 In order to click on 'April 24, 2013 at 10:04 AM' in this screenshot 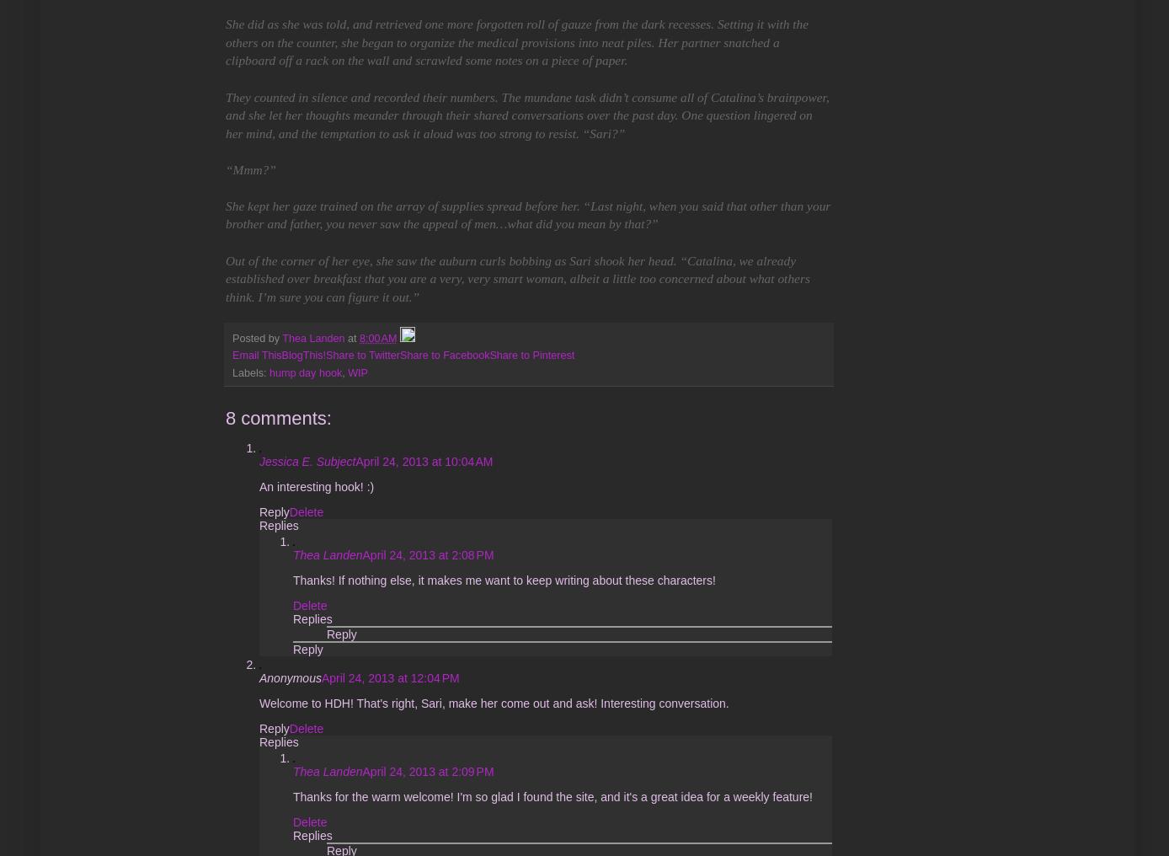, I will do `click(424, 460)`.